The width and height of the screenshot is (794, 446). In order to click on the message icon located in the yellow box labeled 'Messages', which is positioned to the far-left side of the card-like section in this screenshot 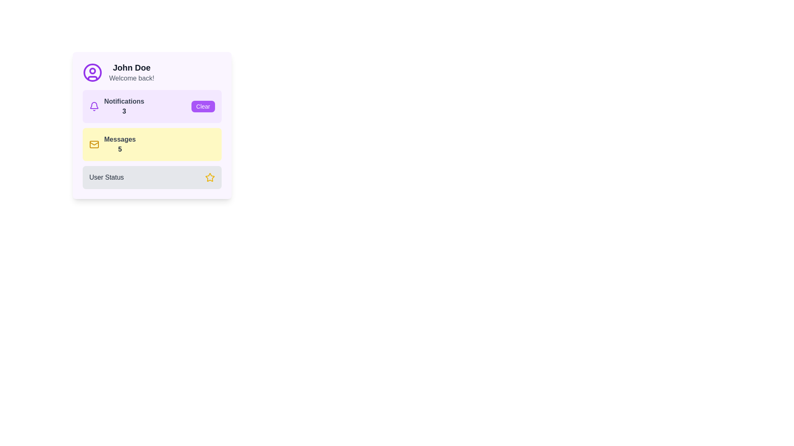, I will do `click(94, 144)`.